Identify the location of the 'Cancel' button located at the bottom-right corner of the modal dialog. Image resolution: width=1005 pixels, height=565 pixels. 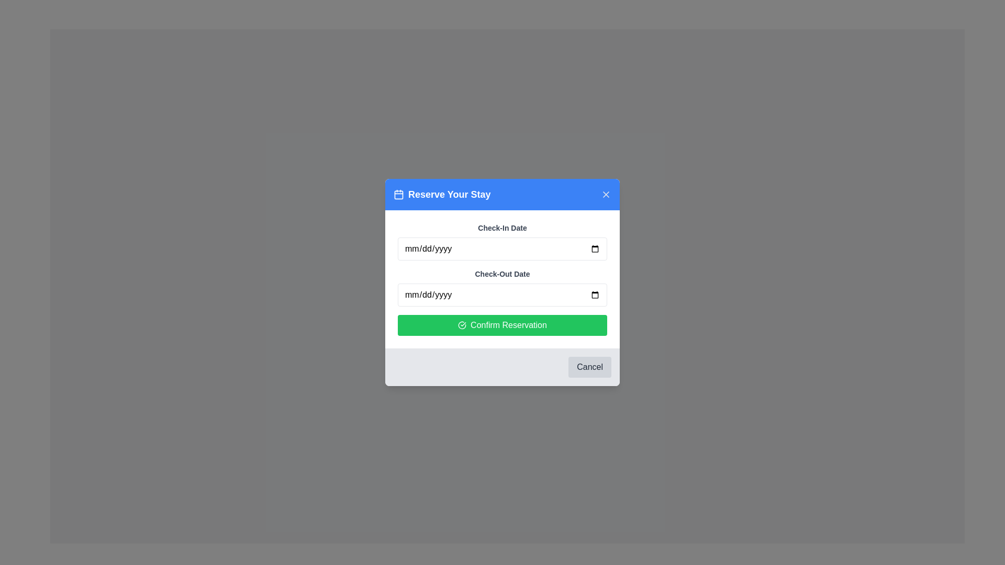
(590, 367).